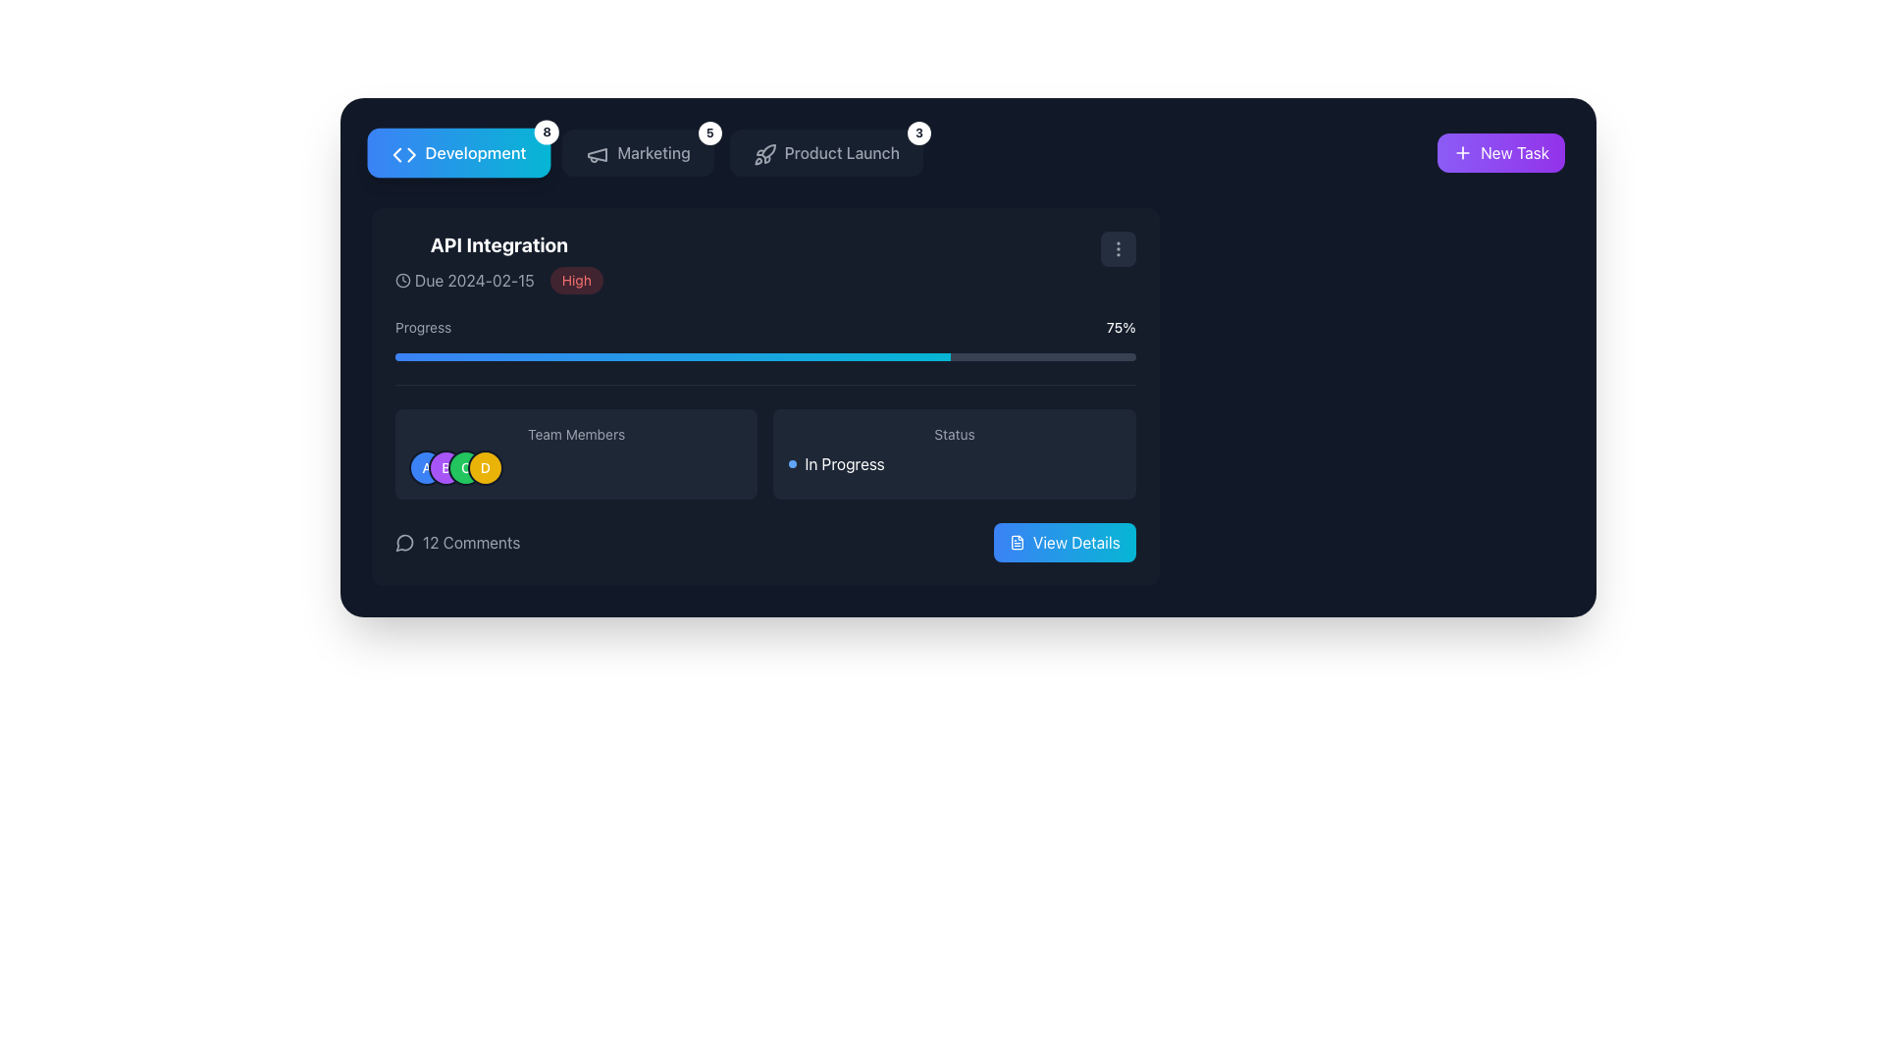 This screenshot has width=1884, height=1060. Describe the element at coordinates (456, 542) in the screenshot. I see `the Interactive Button labeled '12 Comments' which features a speech bubble icon and changes color on hover, located at the bottom-left of a rectangular card` at that location.